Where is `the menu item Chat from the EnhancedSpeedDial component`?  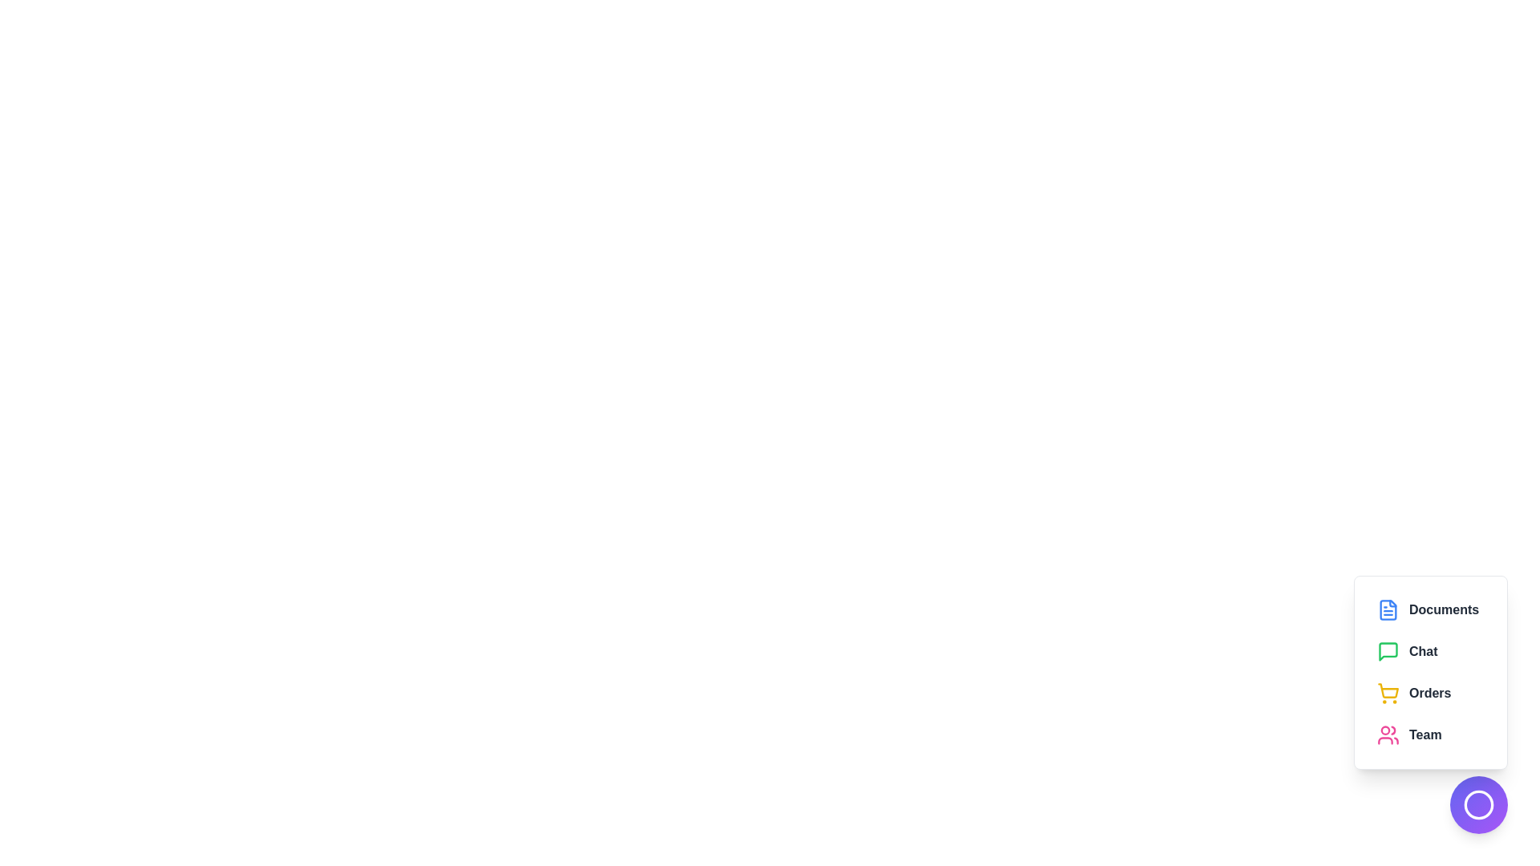 the menu item Chat from the EnhancedSpeedDial component is located at coordinates (1431, 652).